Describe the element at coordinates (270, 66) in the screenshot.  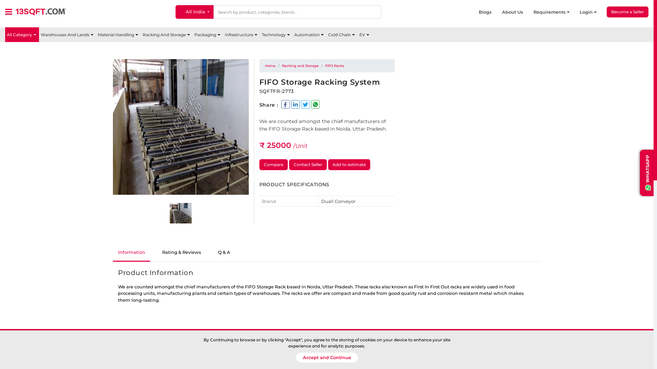
I see `'Home'` at that location.